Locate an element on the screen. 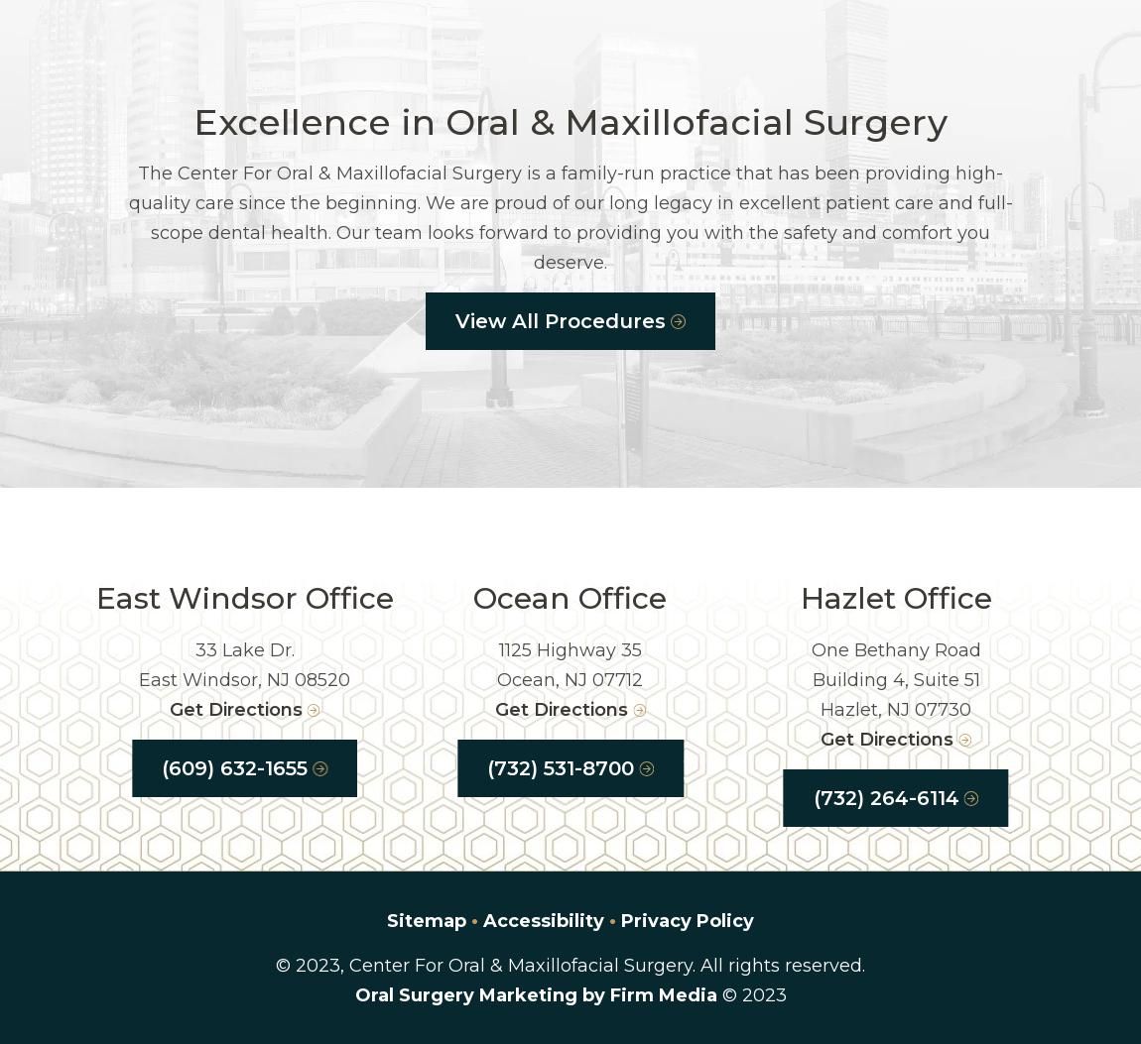  '© 2023' is located at coordinates (750, 995).